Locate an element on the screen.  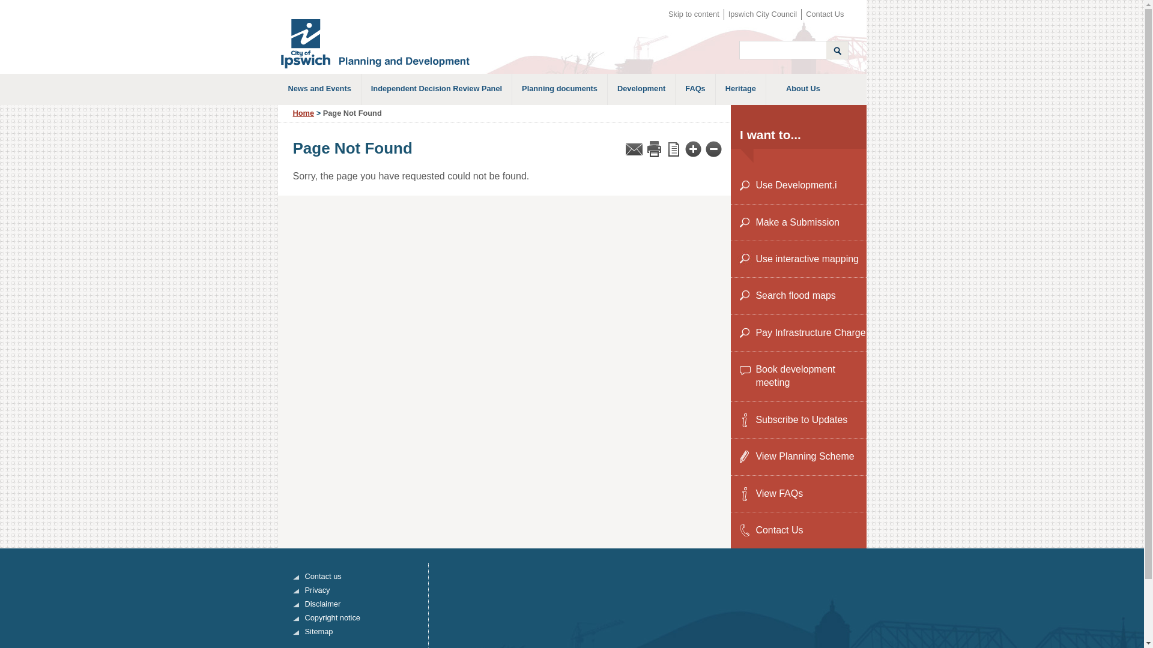
'View FAQs' is located at coordinates (737, 493).